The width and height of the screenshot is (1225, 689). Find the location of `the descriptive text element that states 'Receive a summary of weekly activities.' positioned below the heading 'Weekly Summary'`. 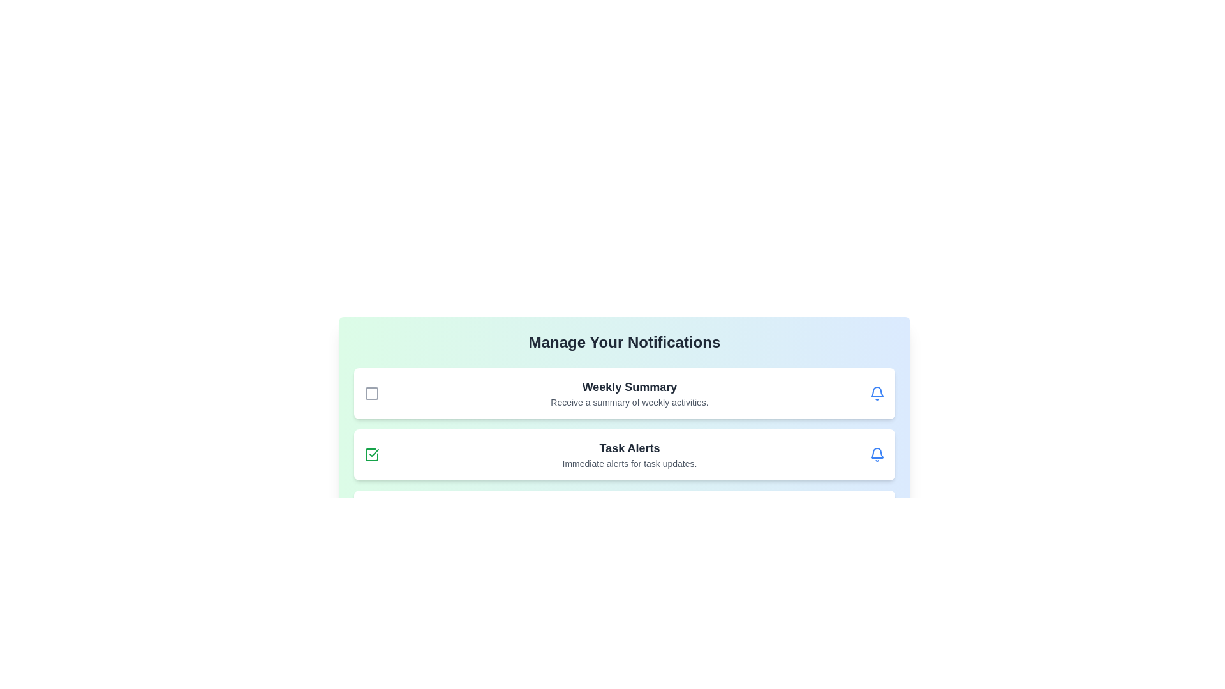

the descriptive text element that states 'Receive a summary of weekly activities.' positioned below the heading 'Weekly Summary' is located at coordinates (630, 403).